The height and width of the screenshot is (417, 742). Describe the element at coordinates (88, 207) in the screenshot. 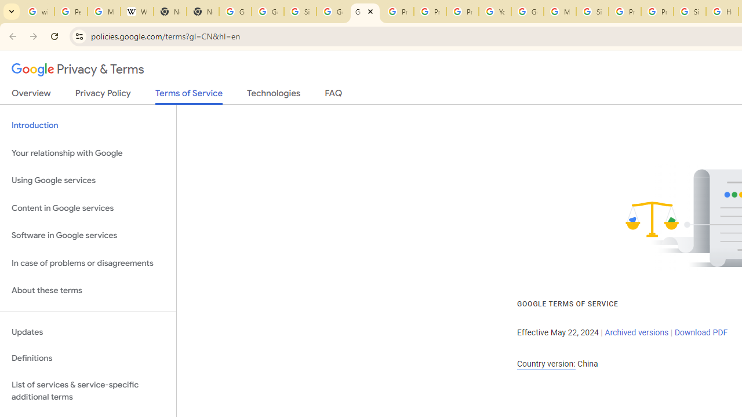

I see `'Content in Google services'` at that location.